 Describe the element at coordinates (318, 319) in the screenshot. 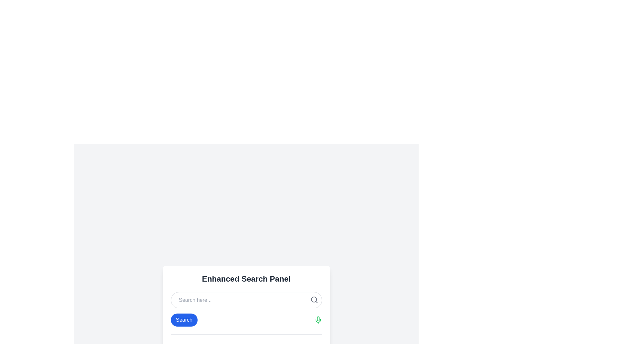

I see `the green circular microphone icon located at the far right of the search bar interface` at that location.